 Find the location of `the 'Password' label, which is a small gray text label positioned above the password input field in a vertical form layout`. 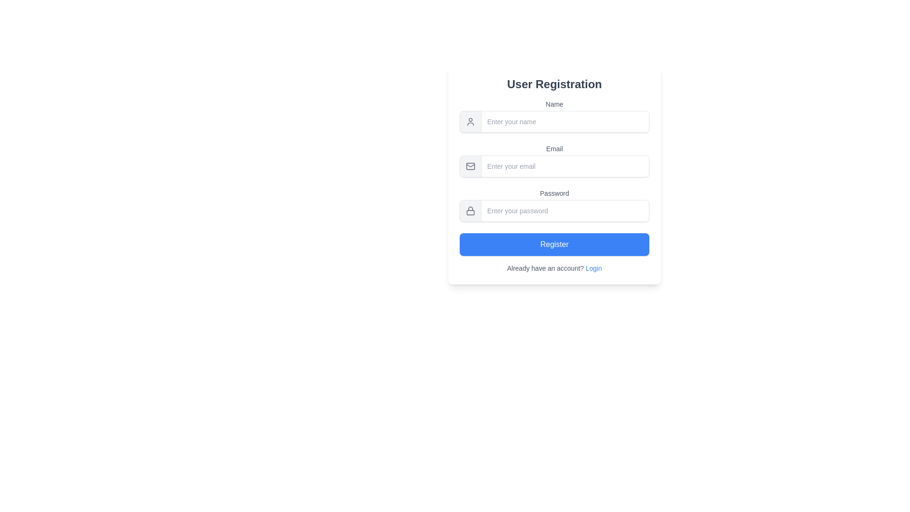

the 'Password' label, which is a small gray text label positioned above the password input field in a vertical form layout is located at coordinates (555, 193).